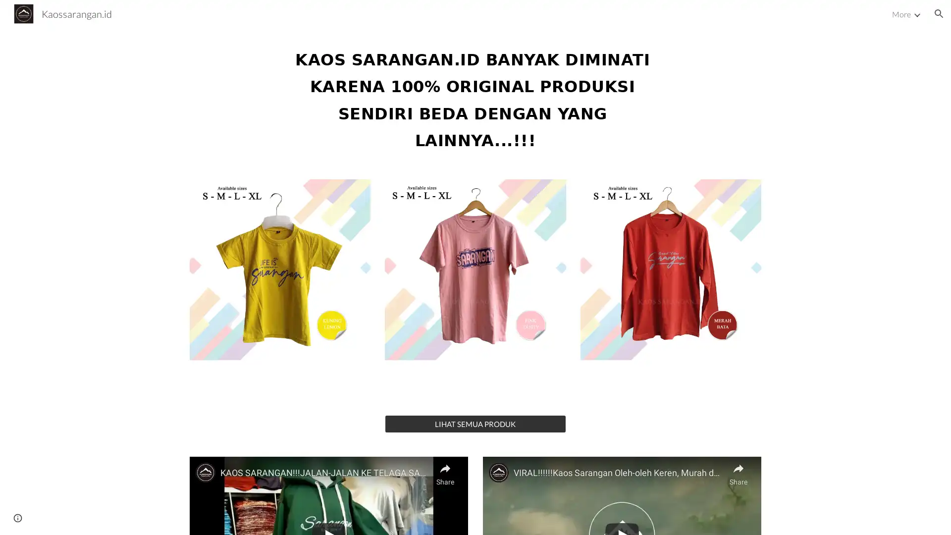  What do you see at coordinates (17, 517) in the screenshot?
I see `Site actions` at bounding box center [17, 517].